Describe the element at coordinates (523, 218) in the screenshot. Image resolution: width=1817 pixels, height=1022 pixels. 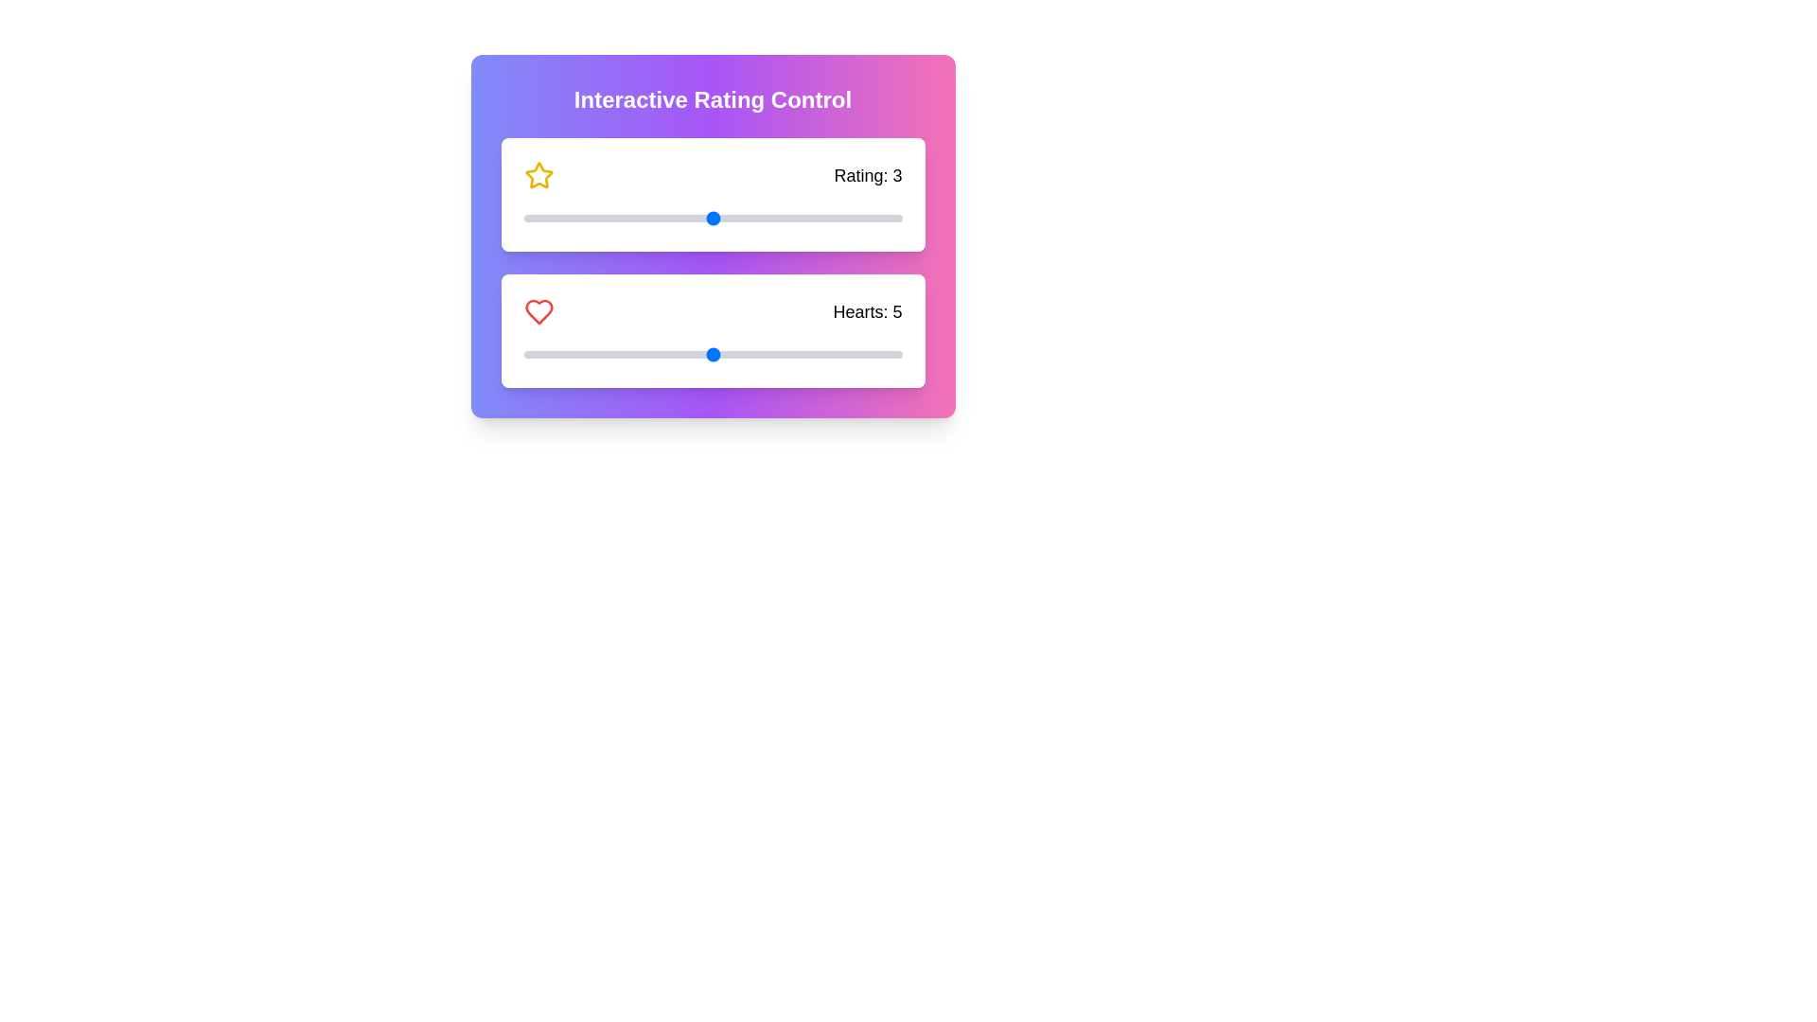
I see `the rating slider to set the value to 1` at that location.